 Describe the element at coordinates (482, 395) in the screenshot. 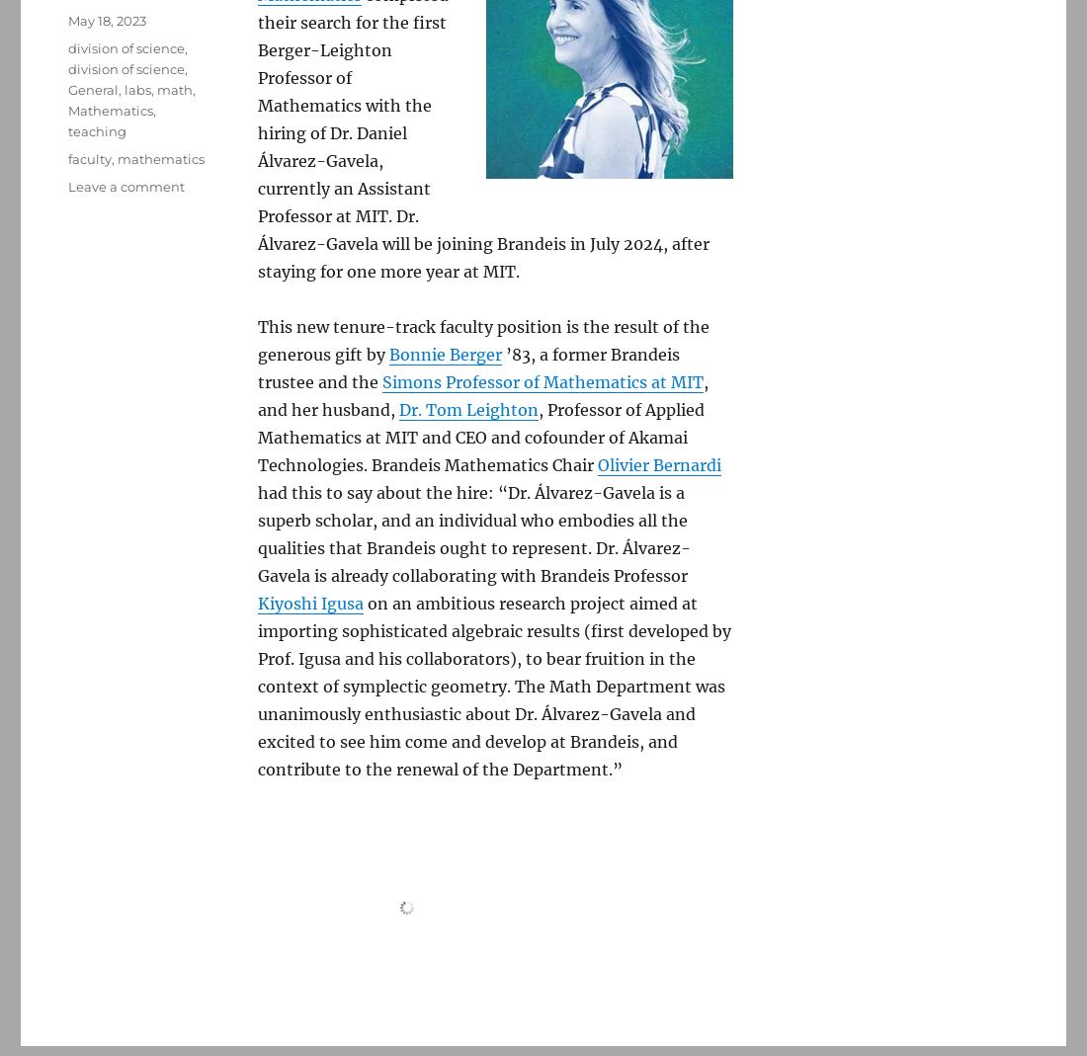

I see `', and her husband,'` at that location.